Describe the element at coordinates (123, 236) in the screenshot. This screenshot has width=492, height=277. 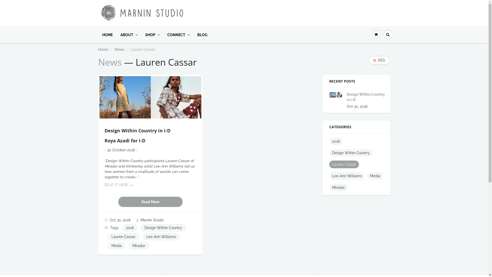
I see `'Lauren Cassar'` at that location.